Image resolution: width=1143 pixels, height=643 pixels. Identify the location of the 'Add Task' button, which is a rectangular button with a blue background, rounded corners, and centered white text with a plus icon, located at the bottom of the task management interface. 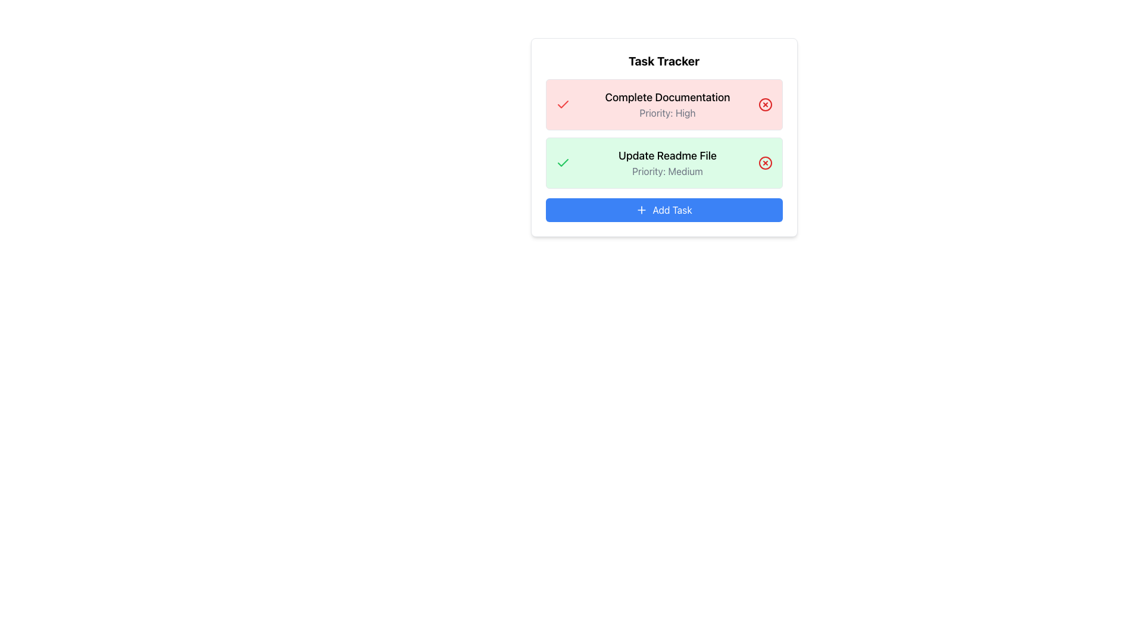
(663, 210).